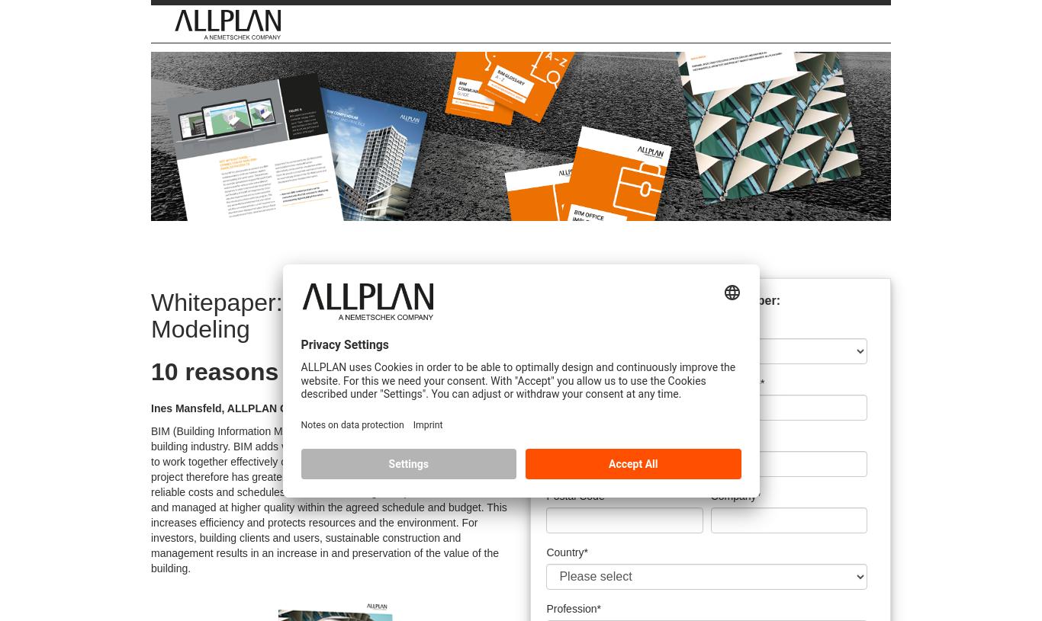  What do you see at coordinates (732, 494) in the screenshot?
I see `'Company'` at bounding box center [732, 494].